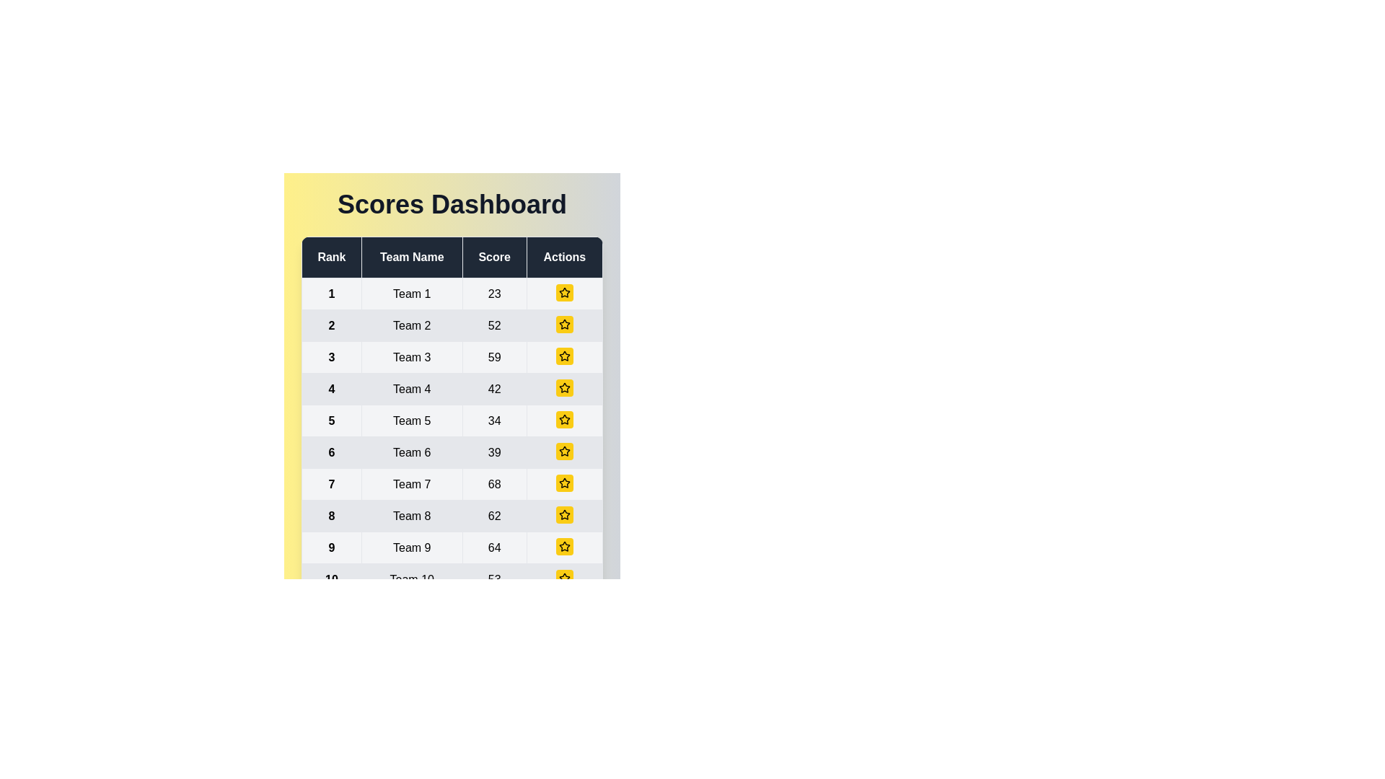 This screenshot has height=779, width=1385. Describe the element at coordinates (331, 257) in the screenshot. I see `the column header for Rank to sort the table by that column` at that location.